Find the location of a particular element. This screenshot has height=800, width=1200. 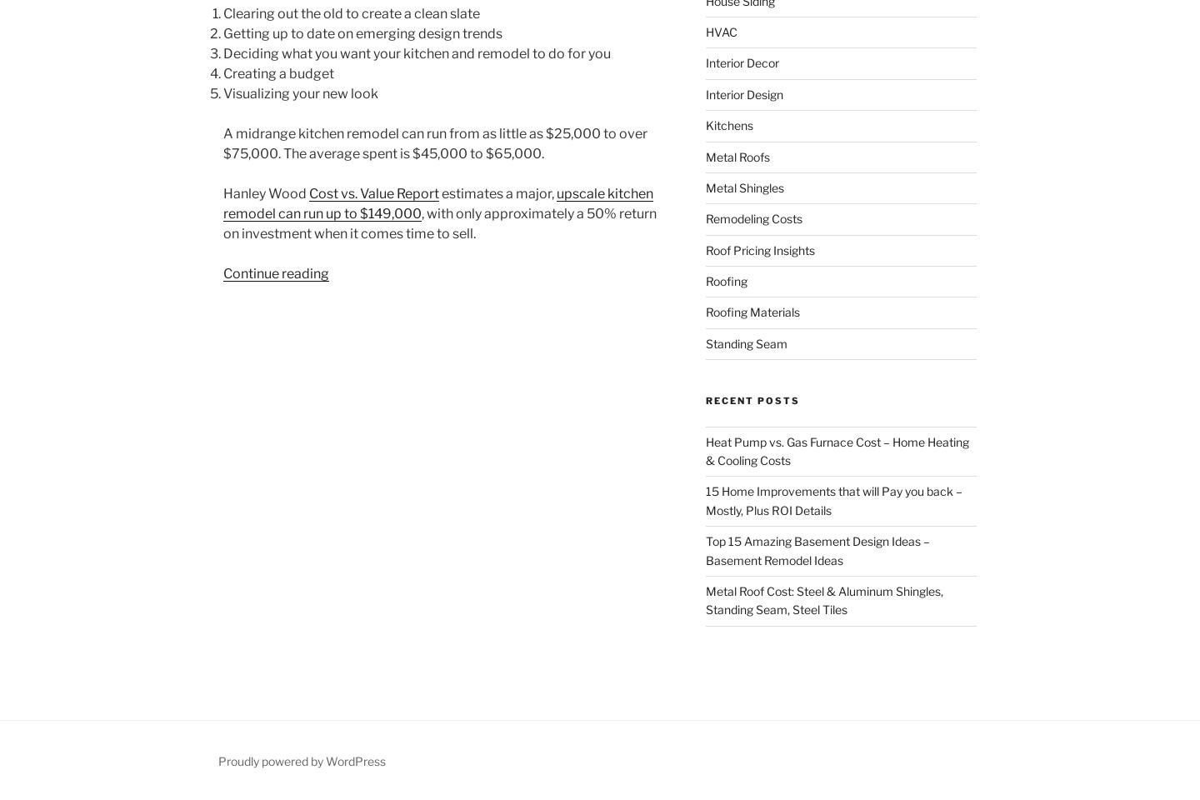

'Metal Roofs' is located at coordinates (736, 156).